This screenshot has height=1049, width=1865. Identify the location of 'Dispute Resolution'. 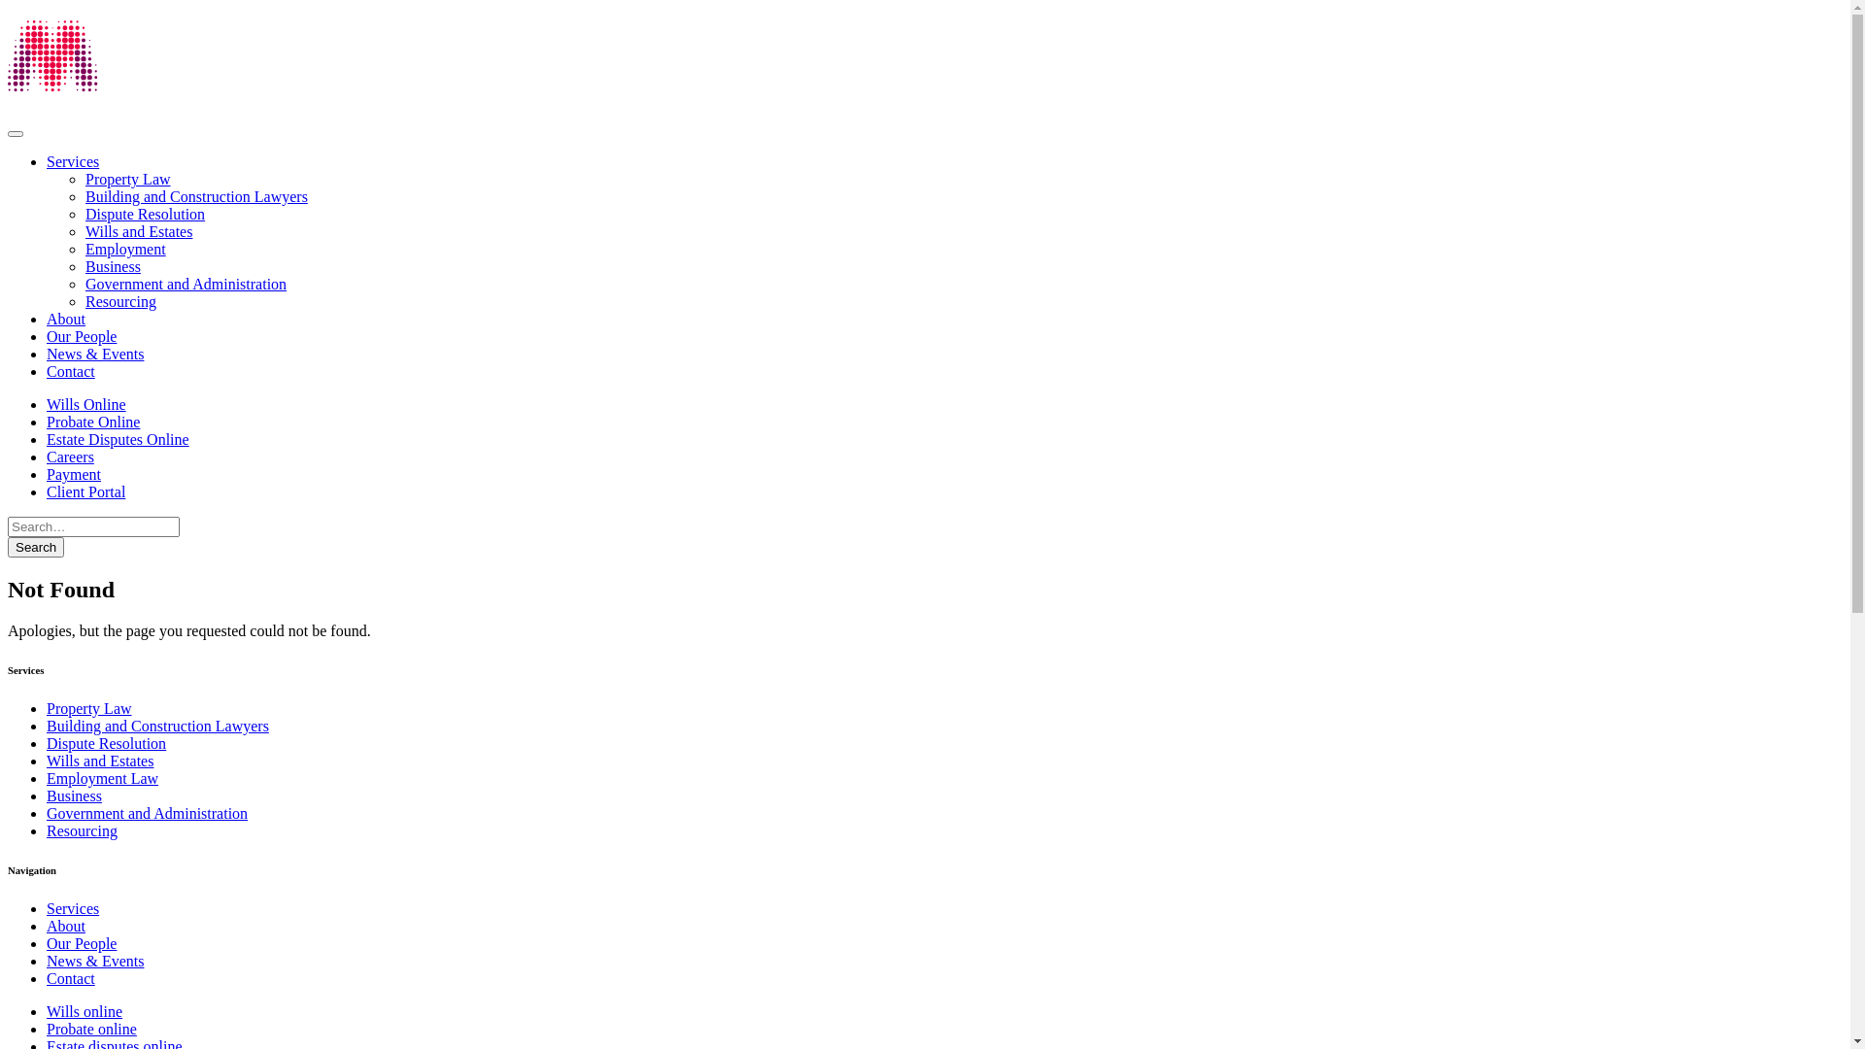
(144, 214).